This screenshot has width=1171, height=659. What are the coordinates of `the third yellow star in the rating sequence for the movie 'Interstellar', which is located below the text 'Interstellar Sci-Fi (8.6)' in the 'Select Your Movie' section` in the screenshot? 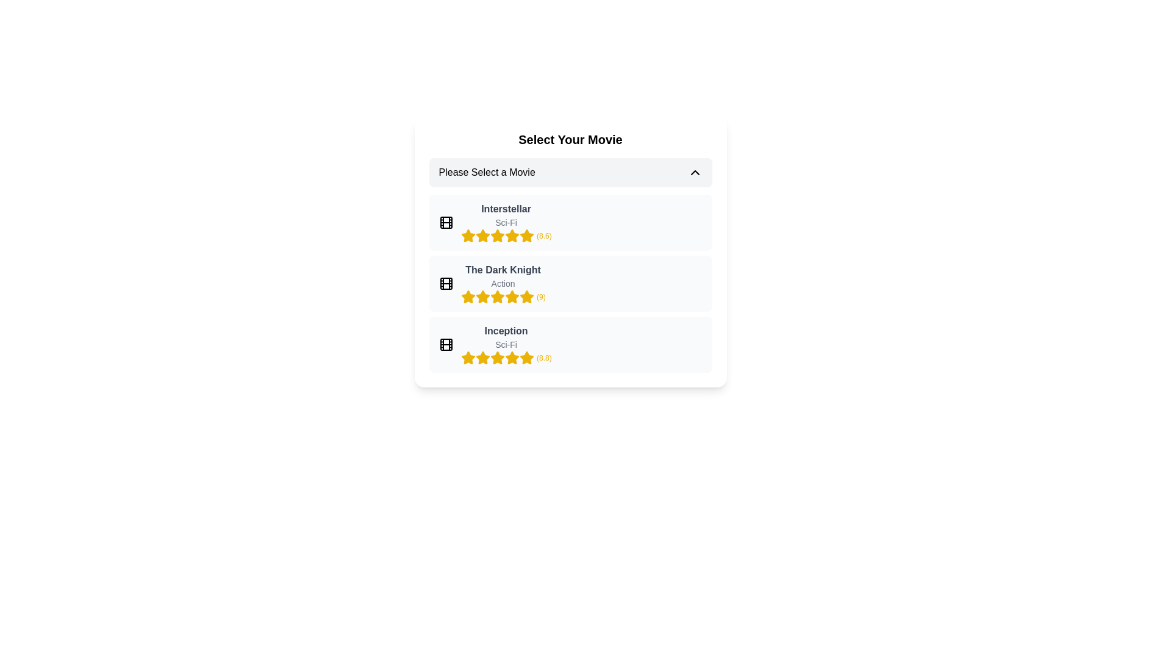 It's located at (482, 236).